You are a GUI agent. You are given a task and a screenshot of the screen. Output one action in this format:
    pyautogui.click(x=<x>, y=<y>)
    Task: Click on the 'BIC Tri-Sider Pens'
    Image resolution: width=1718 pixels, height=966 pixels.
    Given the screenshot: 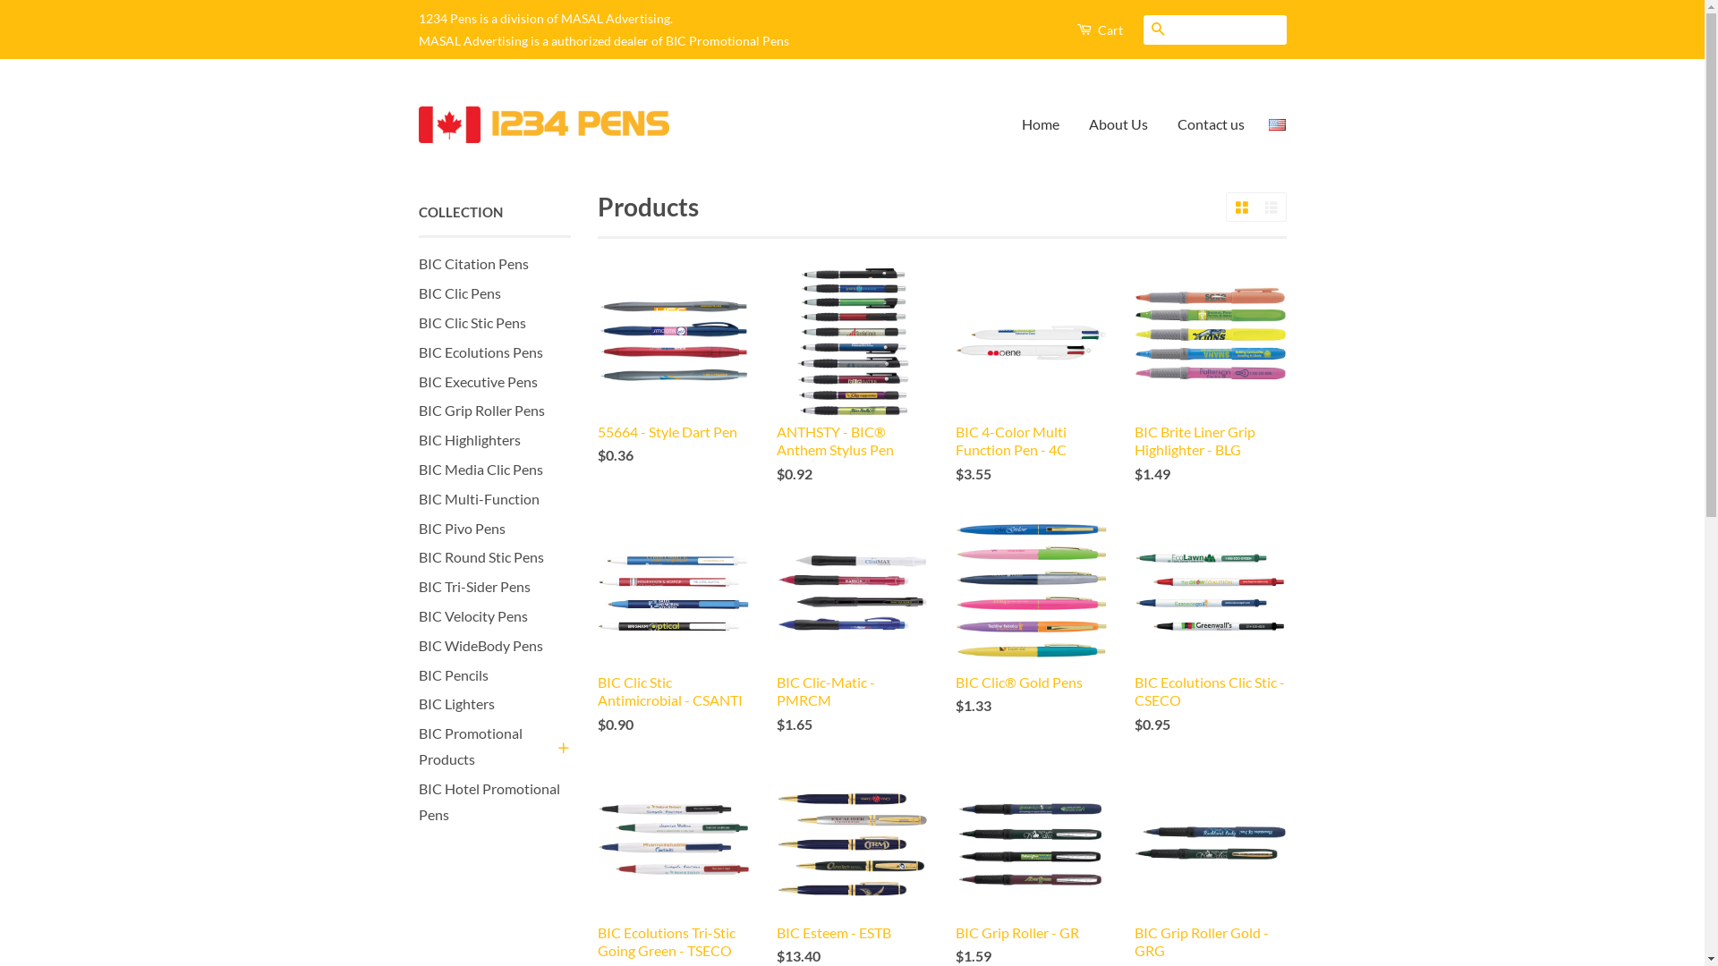 What is the action you would take?
    pyautogui.click(x=474, y=586)
    